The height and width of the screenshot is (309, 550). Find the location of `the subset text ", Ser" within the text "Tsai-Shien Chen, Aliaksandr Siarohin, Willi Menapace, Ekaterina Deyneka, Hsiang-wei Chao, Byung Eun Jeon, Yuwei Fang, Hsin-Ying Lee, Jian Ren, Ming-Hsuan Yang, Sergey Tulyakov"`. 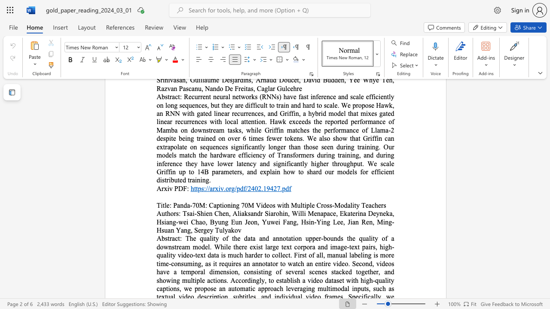

the subset text ", Ser" within the text "Tsai-Shien Chen, Aliaksandr Siarohin, Willi Menapace, Ekaterina Deyneka, Hsiang-wei Chao, Byung Eun Jeon, Yuwei Fang, Hsin-Ying Lee, Jian Ren, Ming-Hsuan Yang, Sergey Tulyakov" is located at coordinates (190, 230).